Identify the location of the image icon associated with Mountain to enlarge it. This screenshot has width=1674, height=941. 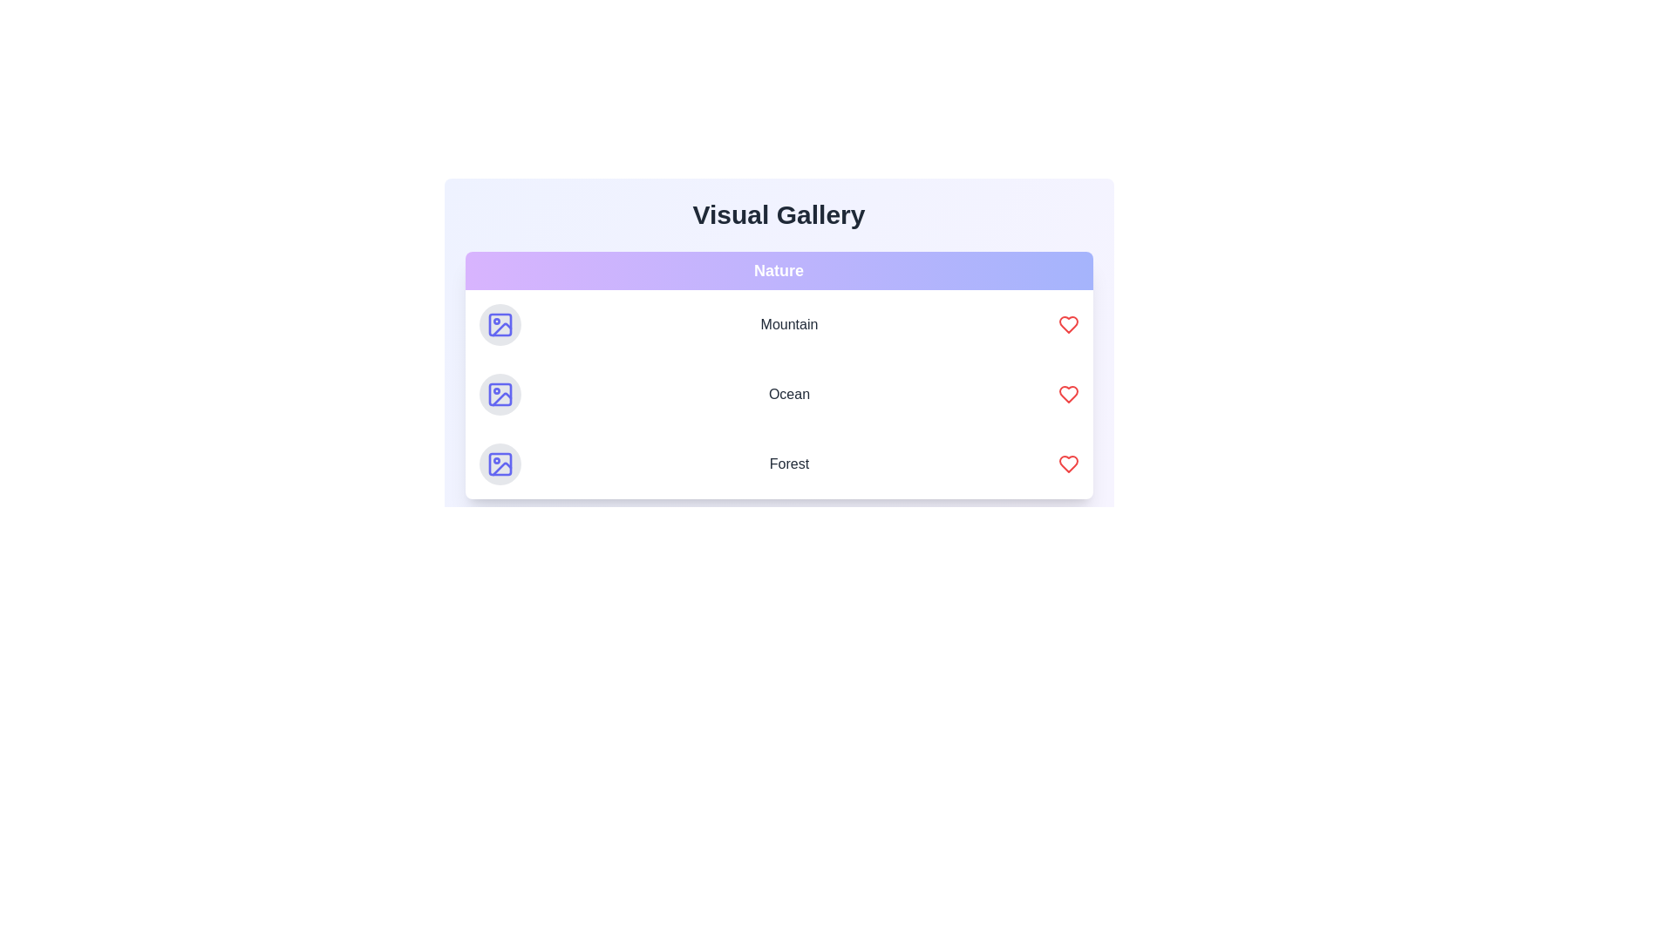
(499, 325).